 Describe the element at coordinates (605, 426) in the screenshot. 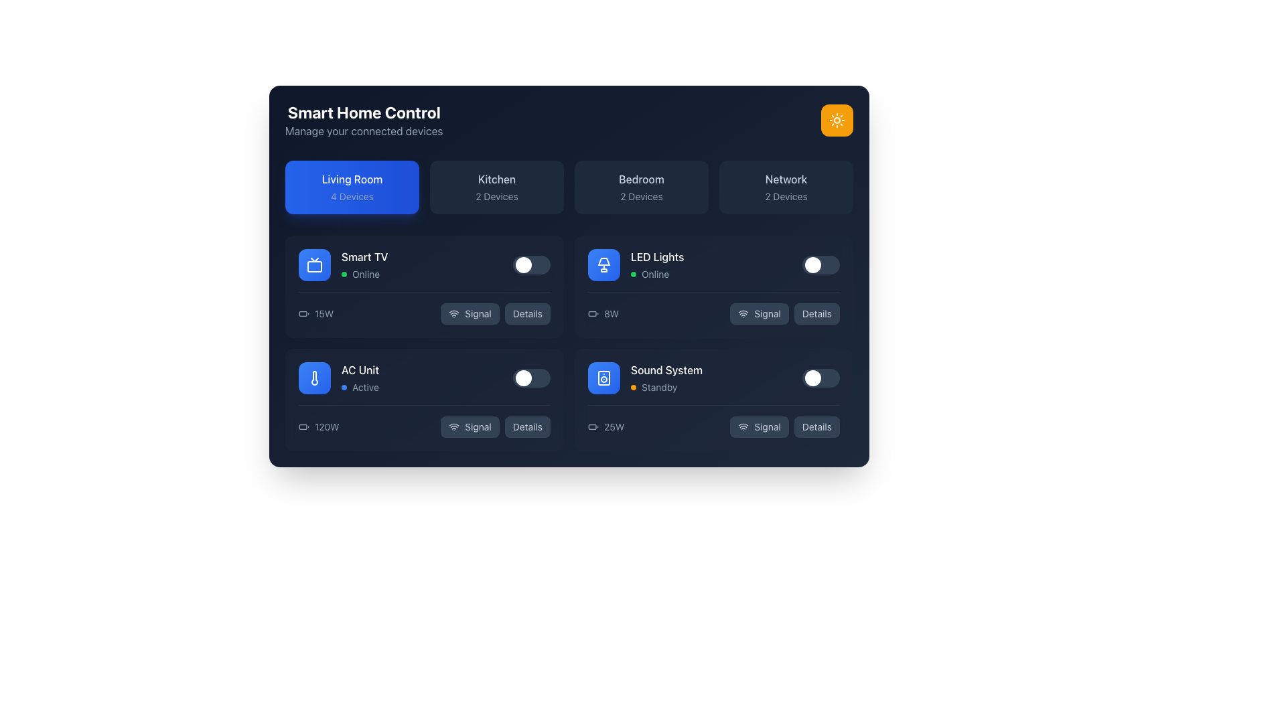

I see `the Text Label with Icon displaying '25W' and a battery icon, located in the bottom-right section of the 'Smart Home Control' grid interface within the 'Sound System' tile` at that location.